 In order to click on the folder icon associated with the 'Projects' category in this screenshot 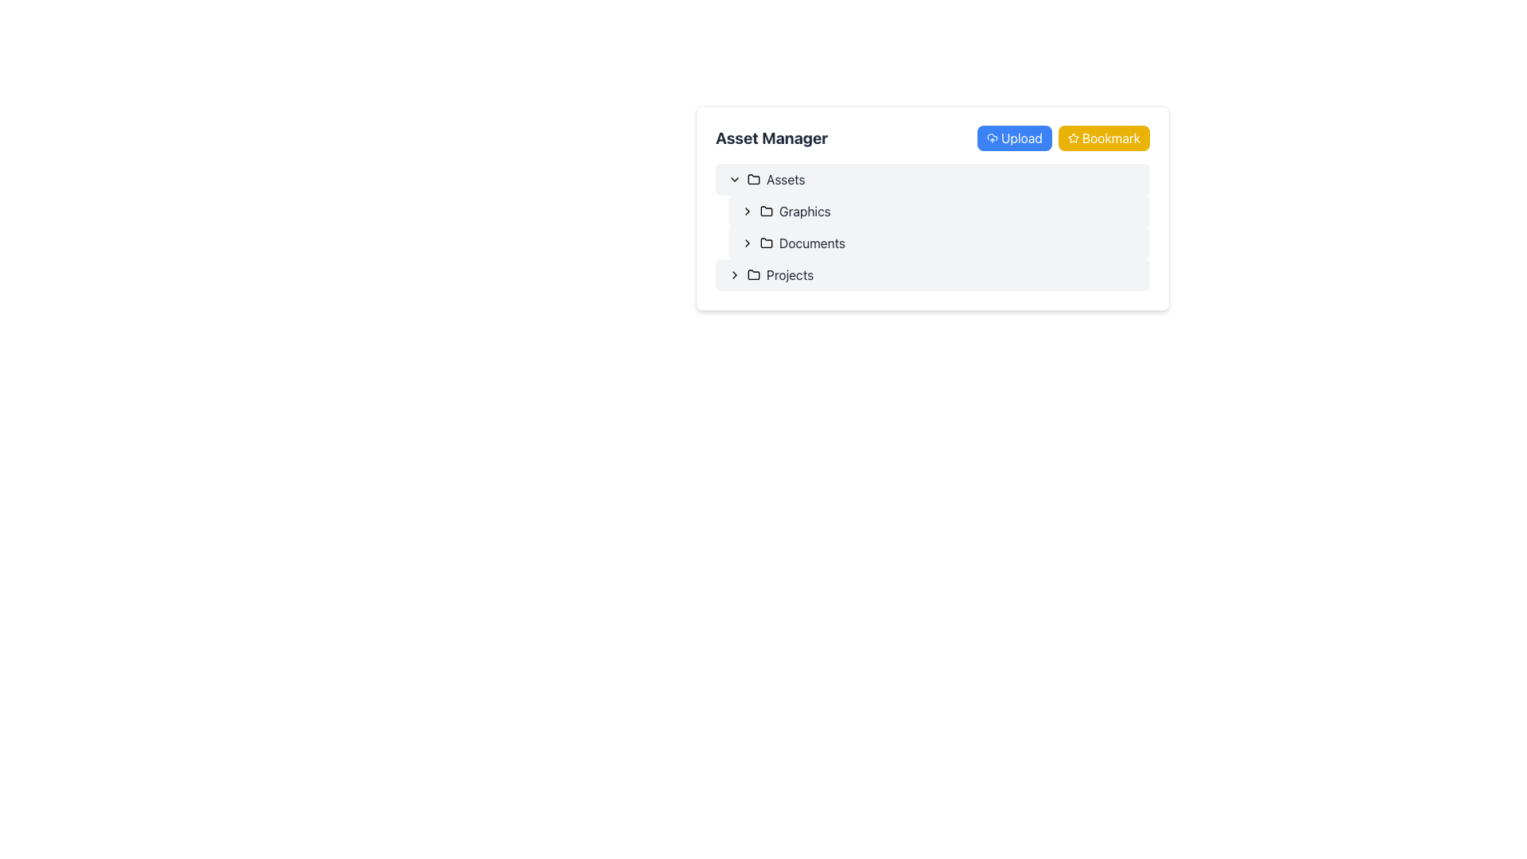, I will do `click(753, 274)`.